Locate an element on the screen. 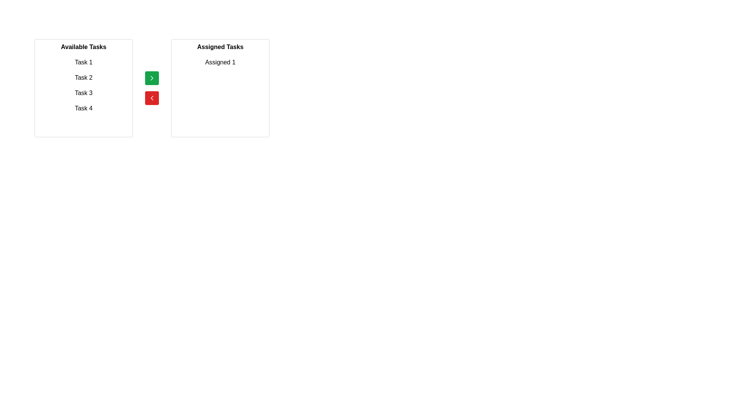 The width and height of the screenshot is (737, 414). the red backward navigation button located between the 'Available Tasks' and 'Assigned Tasks' lists is located at coordinates (152, 97).